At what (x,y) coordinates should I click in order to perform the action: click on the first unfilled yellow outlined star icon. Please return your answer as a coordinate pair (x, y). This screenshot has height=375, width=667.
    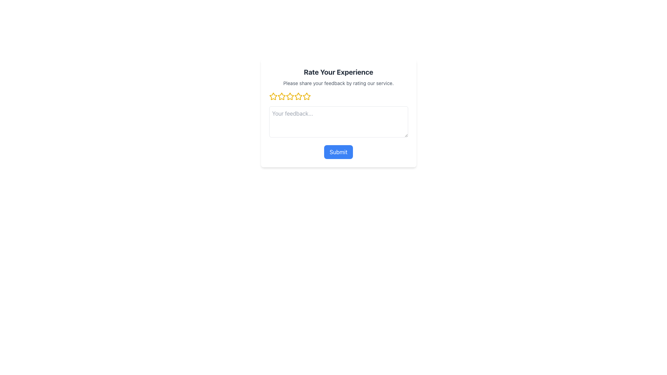
    Looking at the image, I should click on (273, 96).